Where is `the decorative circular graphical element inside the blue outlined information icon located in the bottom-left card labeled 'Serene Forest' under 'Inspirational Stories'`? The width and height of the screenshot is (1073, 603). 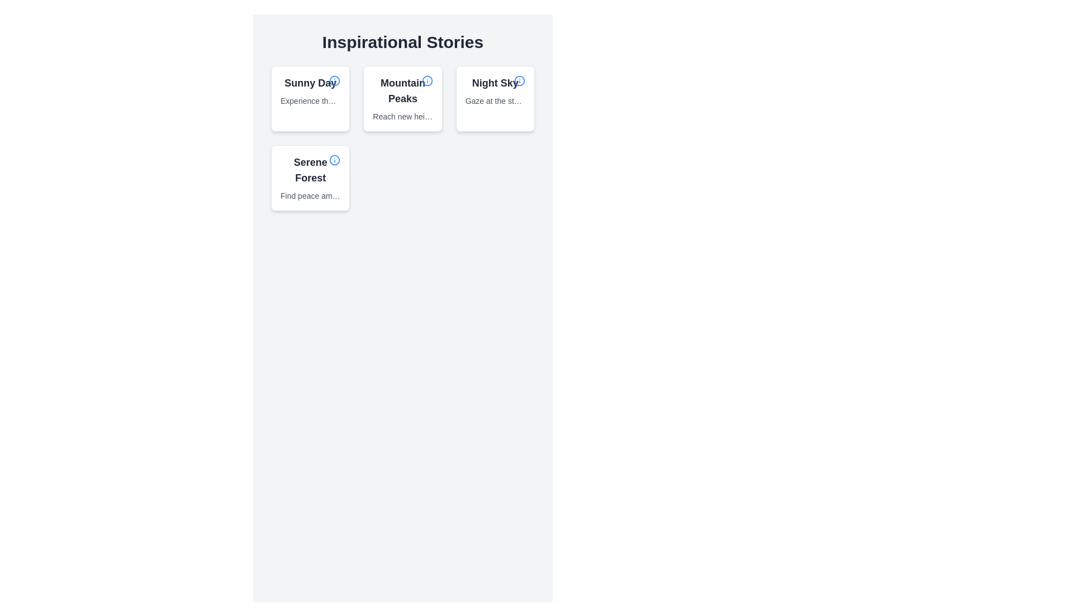
the decorative circular graphical element inside the blue outlined information icon located in the bottom-left card labeled 'Serene Forest' under 'Inspirational Stories' is located at coordinates (334, 160).